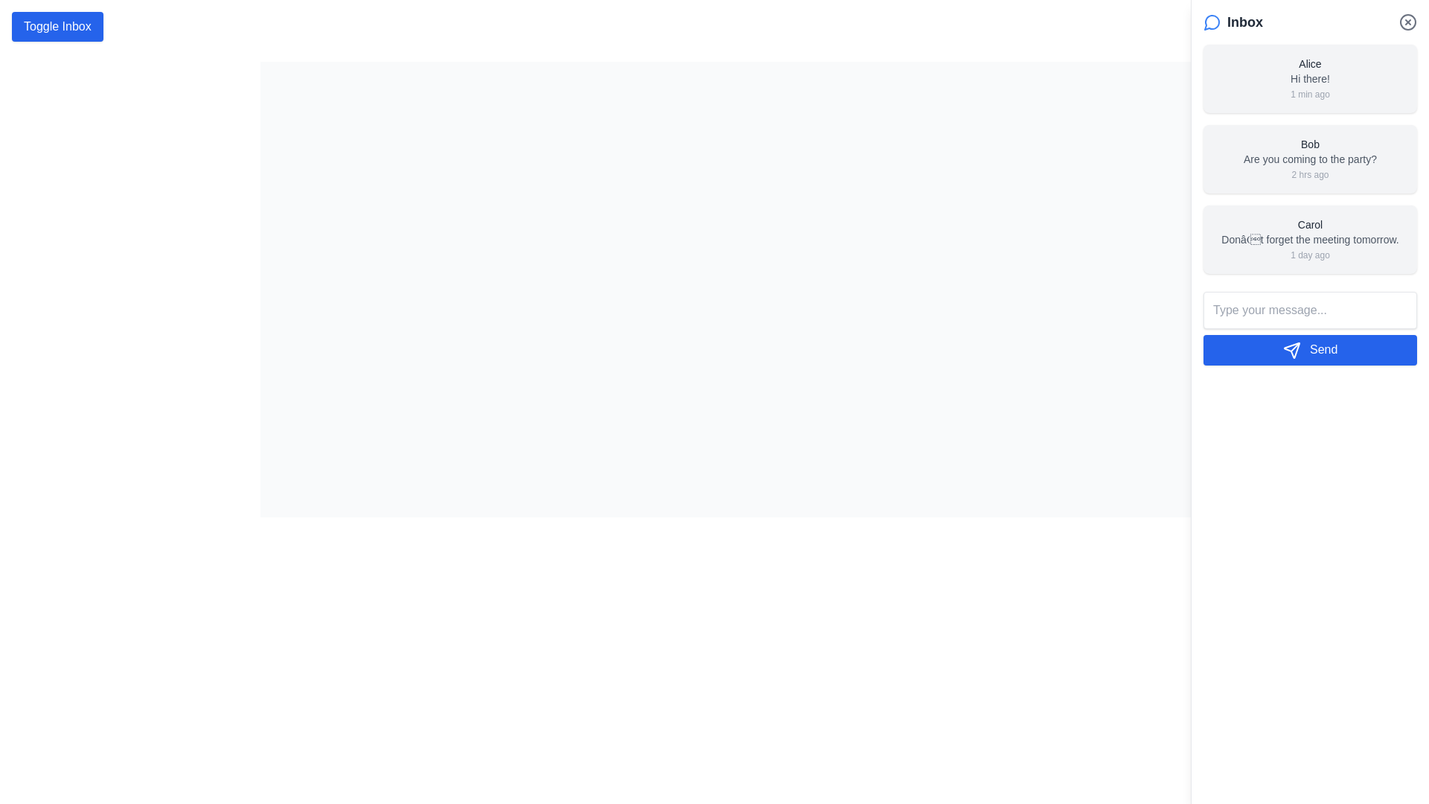 This screenshot has width=1429, height=804. Describe the element at coordinates (1310, 159) in the screenshot. I see `the message notification in the scrollable list located in the right sidebar titled 'Inbox'` at that location.